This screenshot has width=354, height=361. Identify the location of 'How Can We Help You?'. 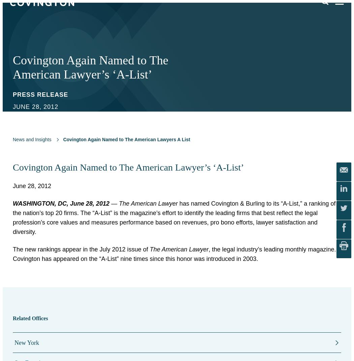
(191, 52).